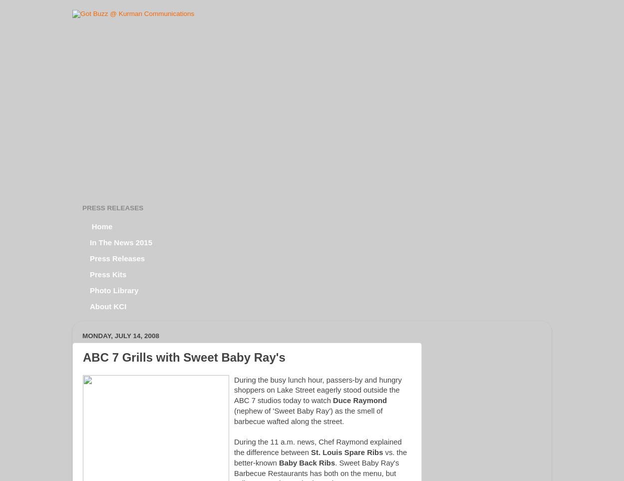  What do you see at coordinates (317, 390) in the screenshot?
I see `'During the busy lunch hour, passers-by and hungry shoppers on Lake Street eagerly stood outside the ABC 7 studios today to watch'` at bounding box center [317, 390].